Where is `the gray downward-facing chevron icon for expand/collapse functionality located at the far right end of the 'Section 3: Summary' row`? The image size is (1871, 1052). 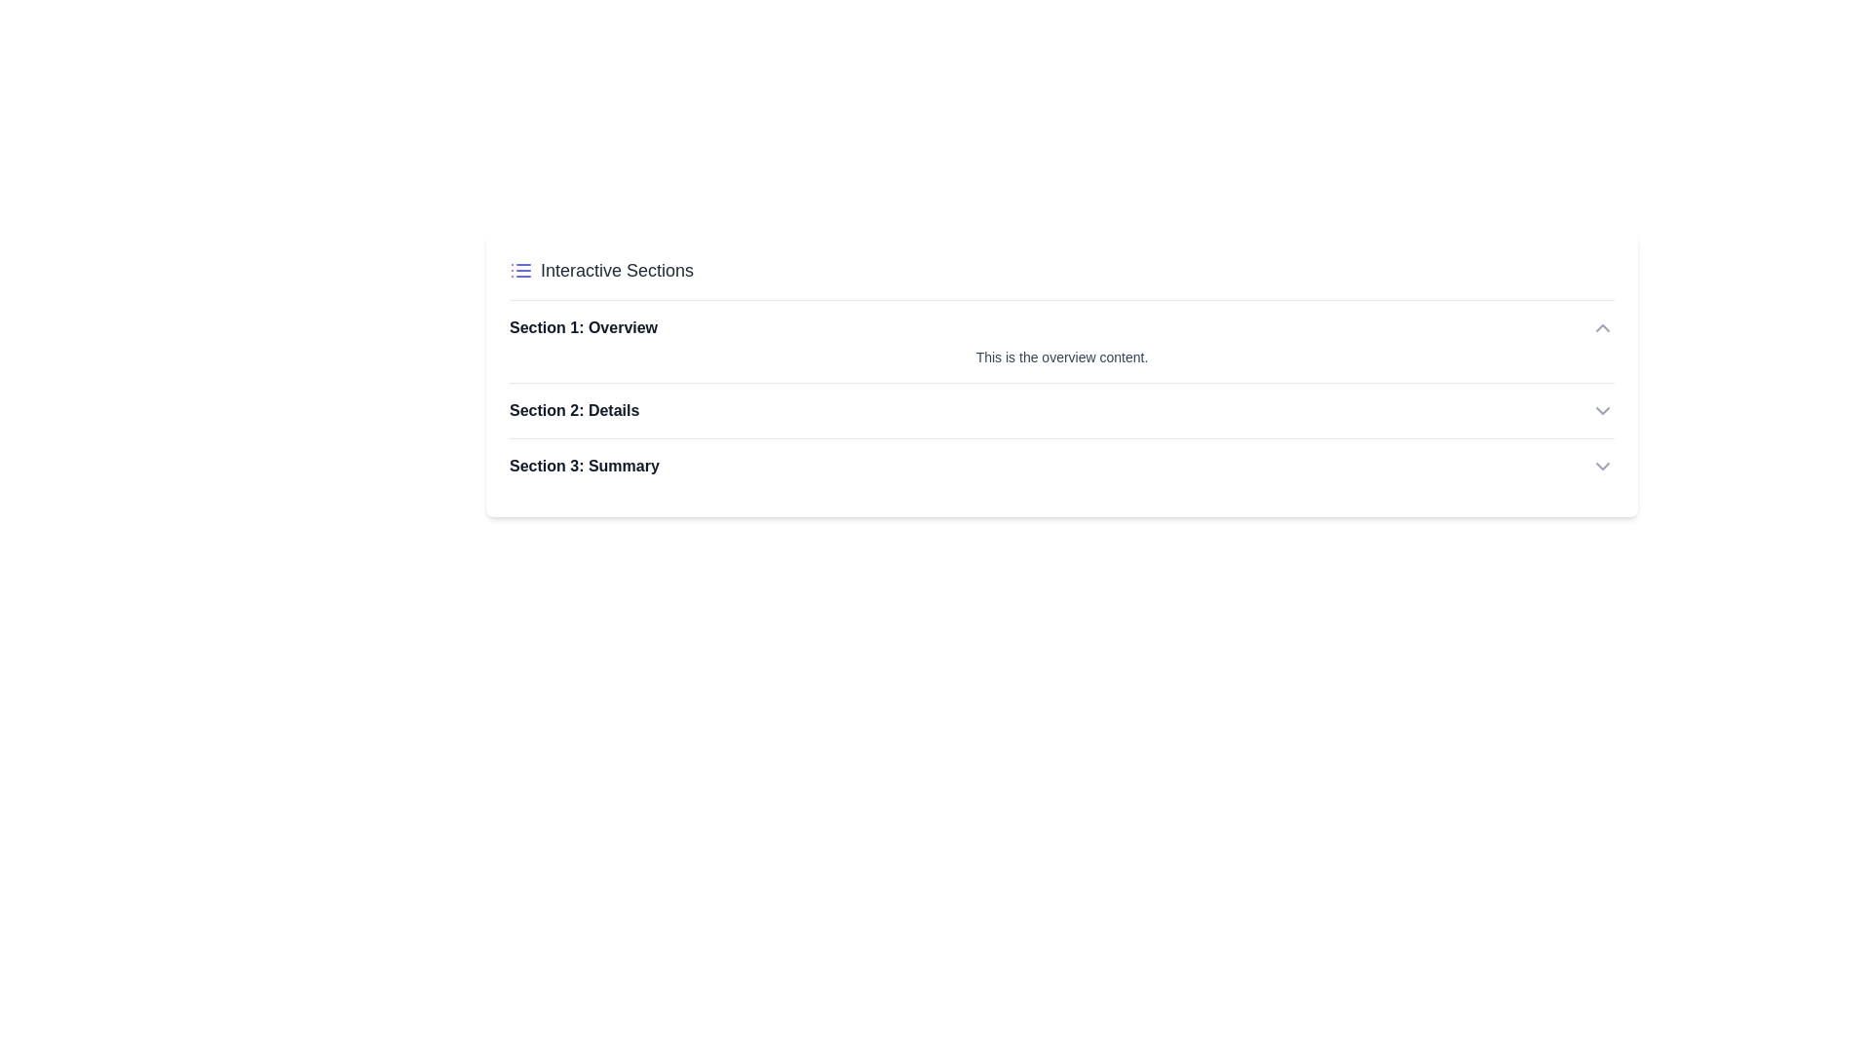 the gray downward-facing chevron icon for expand/collapse functionality located at the far right end of the 'Section 3: Summary' row is located at coordinates (1603, 466).